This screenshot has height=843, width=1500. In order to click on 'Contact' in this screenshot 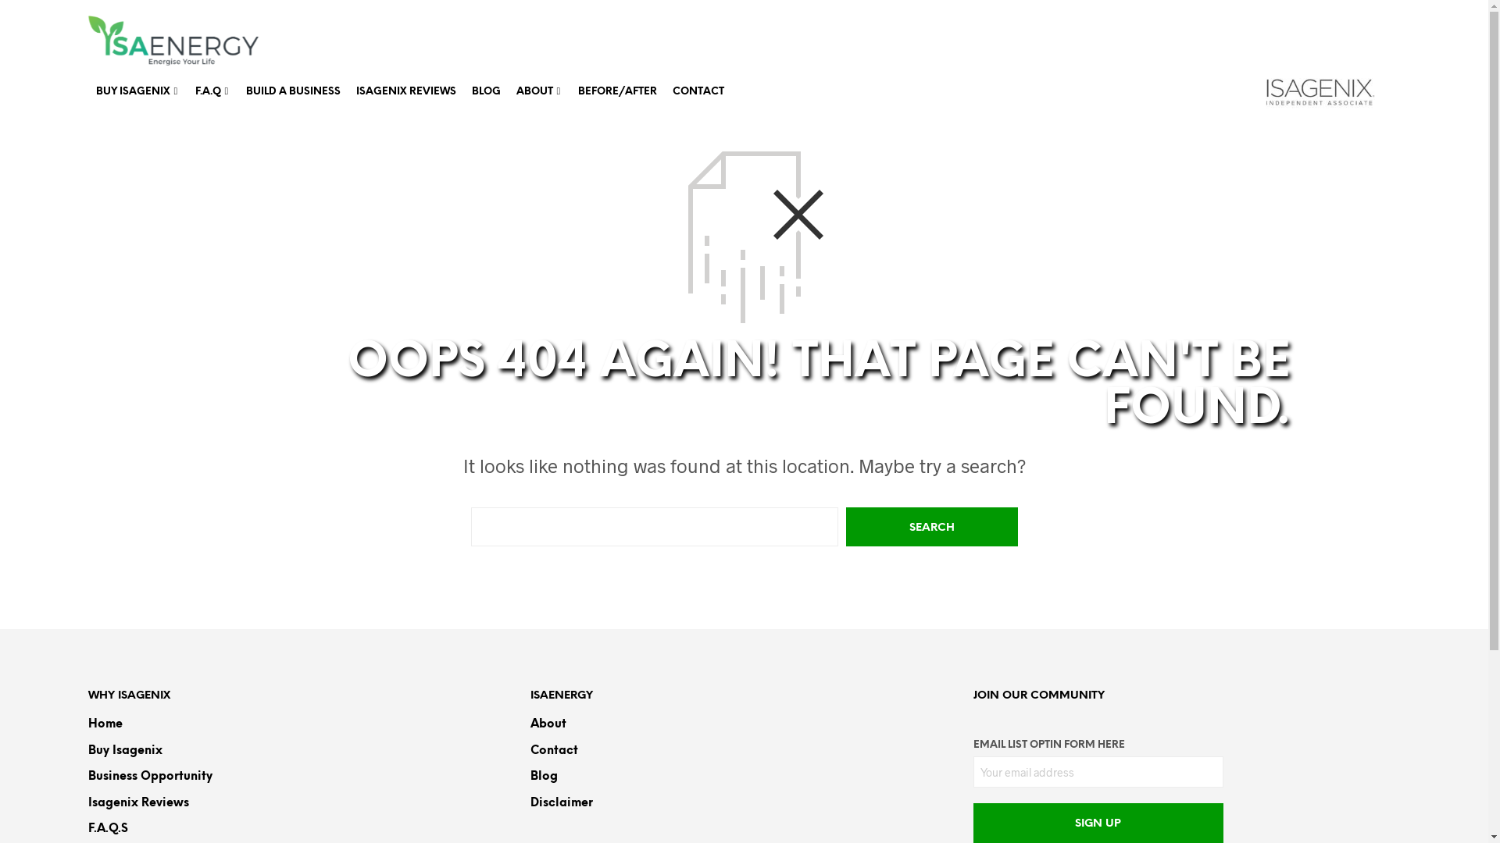, I will do `click(554, 749)`.